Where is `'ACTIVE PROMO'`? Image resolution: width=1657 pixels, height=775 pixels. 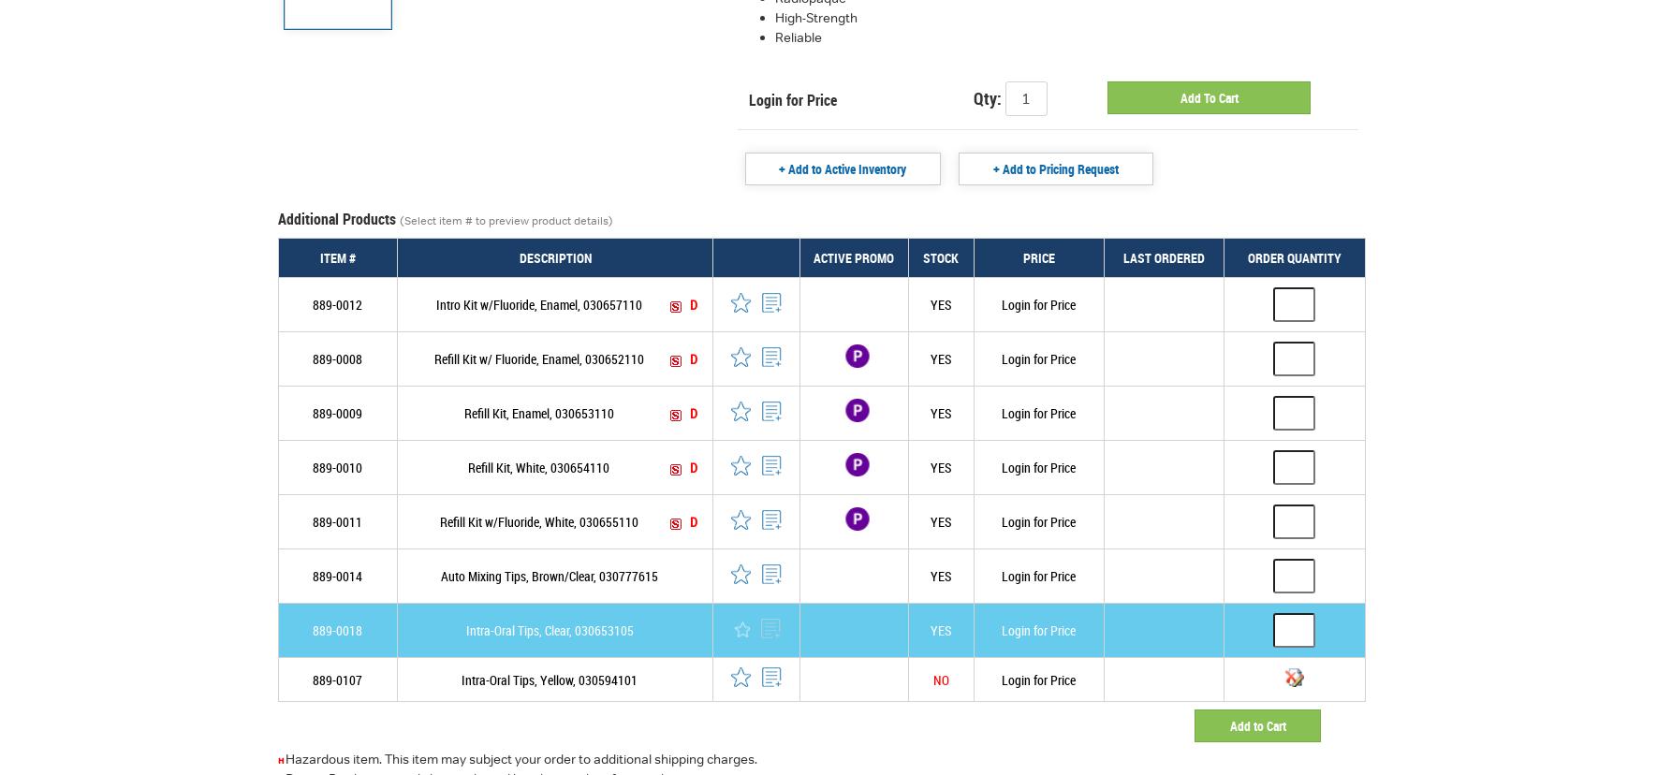
'ACTIVE PROMO' is located at coordinates (853, 256).